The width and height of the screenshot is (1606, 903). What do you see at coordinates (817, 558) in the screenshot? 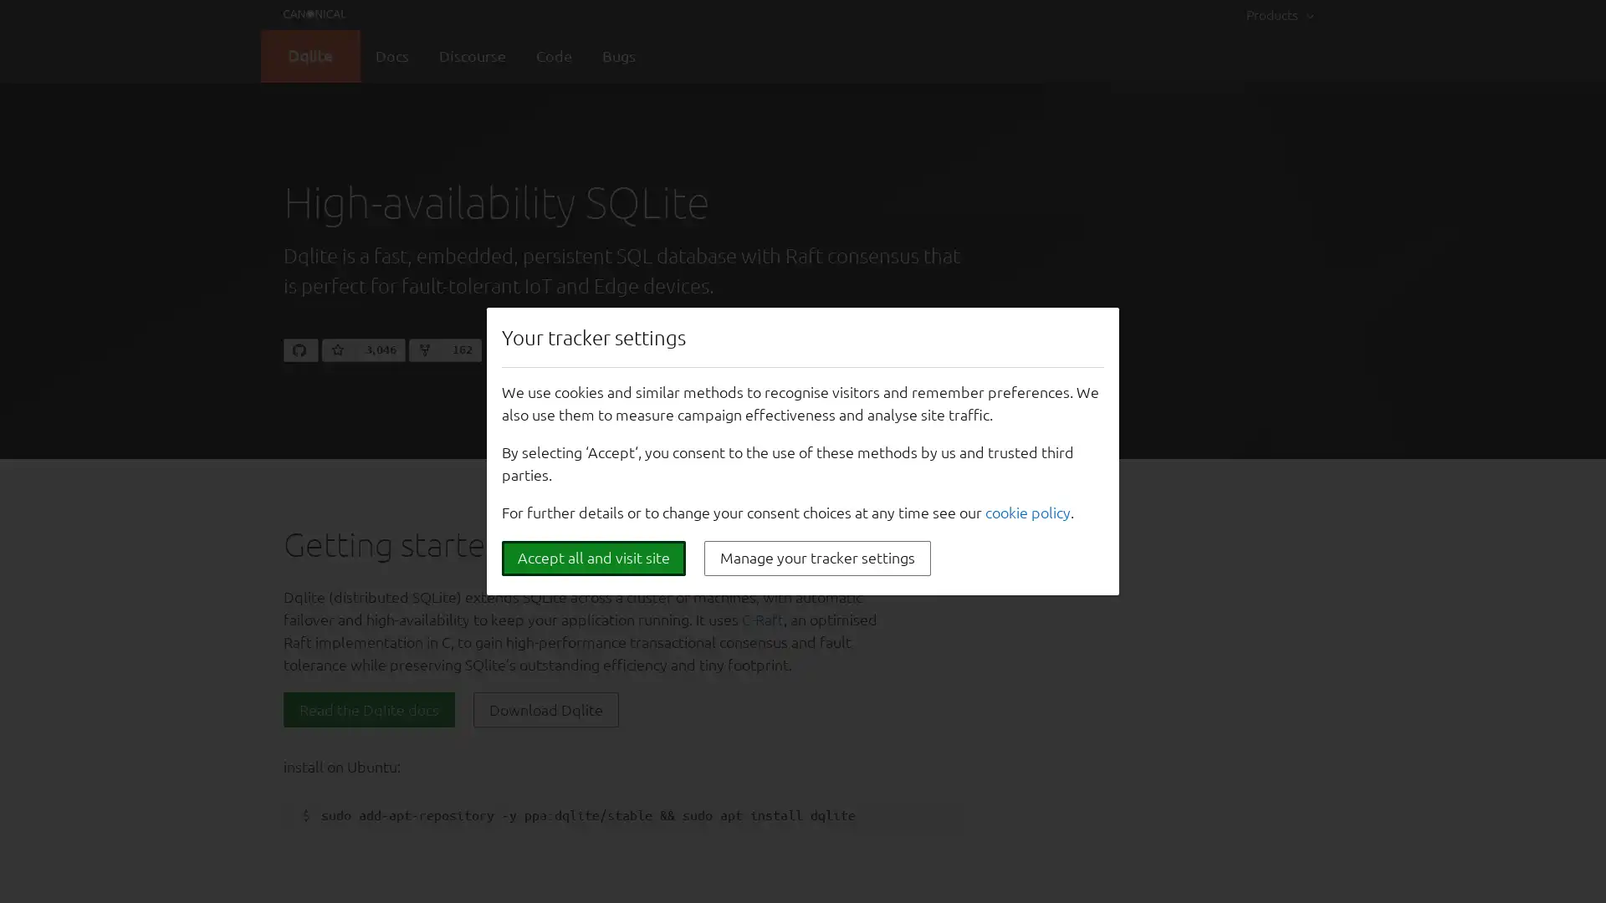
I see `Manage your tracker settings` at bounding box center [817, 558].